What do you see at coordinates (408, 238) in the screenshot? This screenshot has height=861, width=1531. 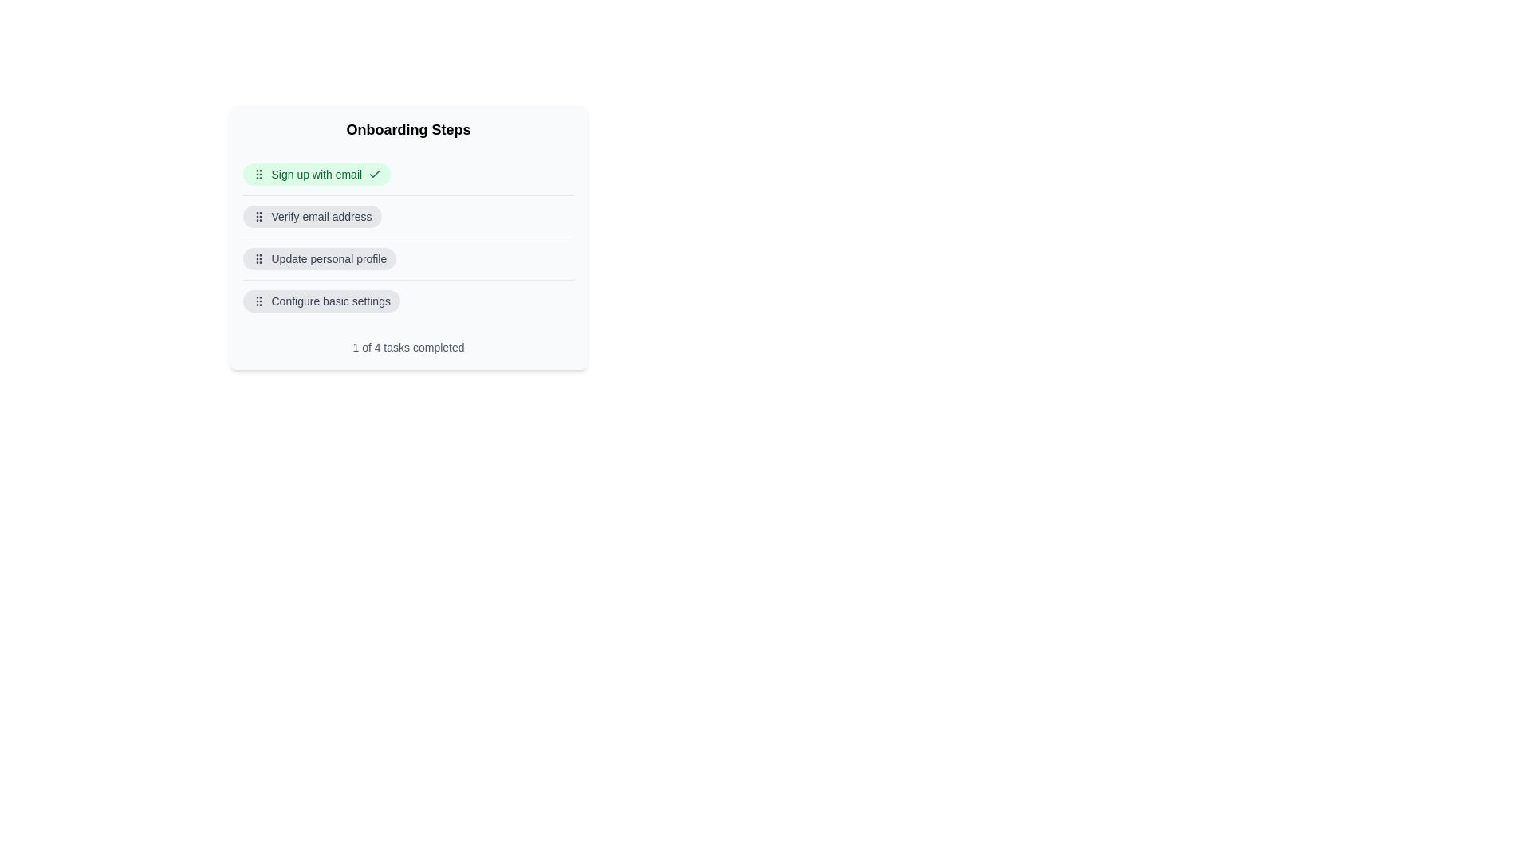 I see `the list item labeled 'Verify email address' within the 'Onboarding Steps' card to view its details` at bounding box center [408, 238].